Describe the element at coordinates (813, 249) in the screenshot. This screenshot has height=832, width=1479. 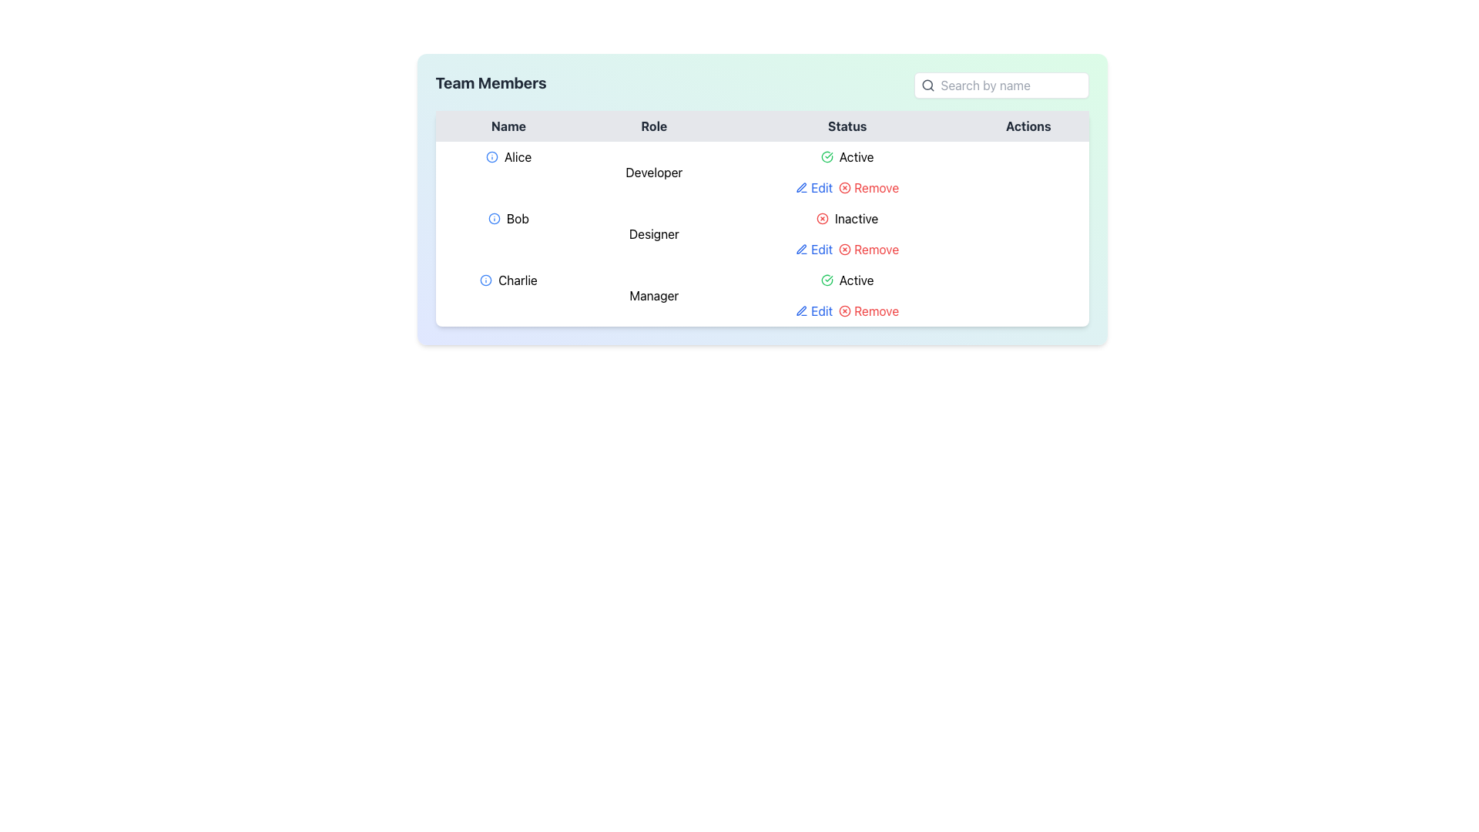
I see `the edit Text link with an icon in the Actions column for the row corresponding to Bob, the Designer, to initiate the edit action` at that location.